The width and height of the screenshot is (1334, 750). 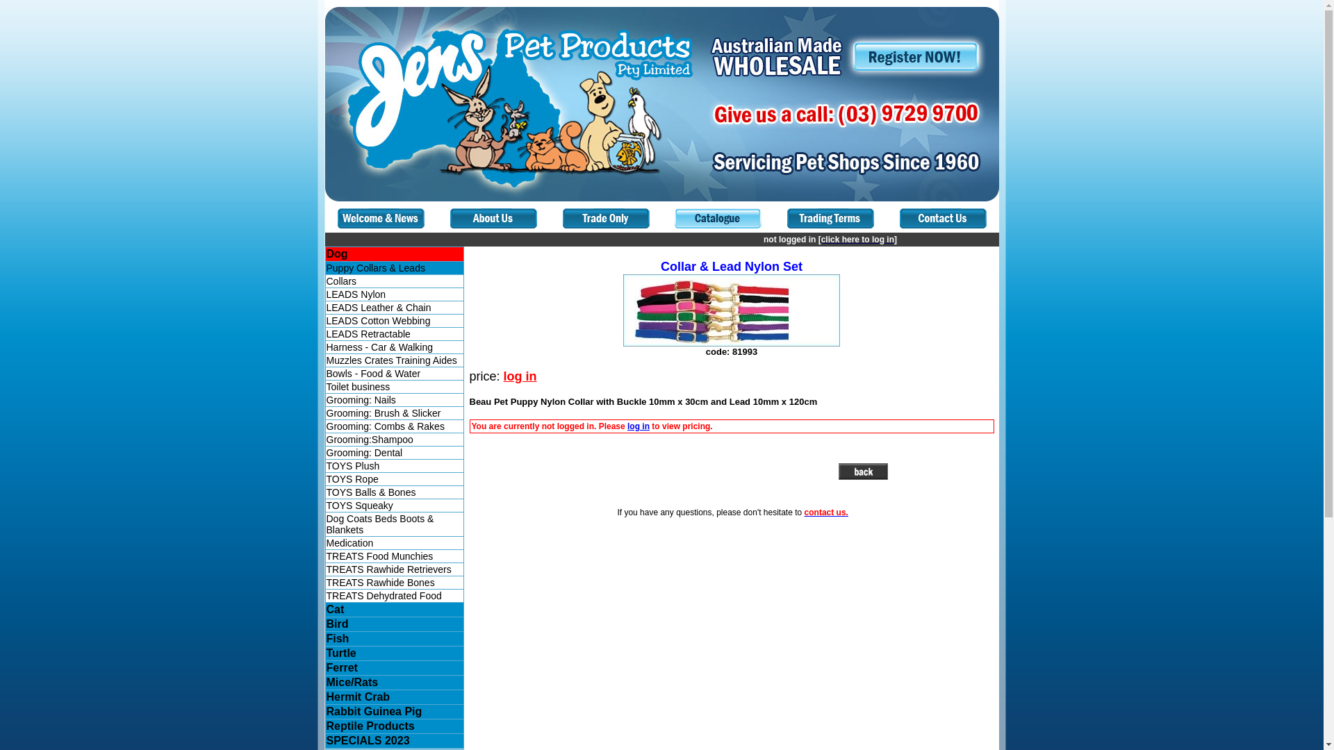 What do you see at coordinates (356, 294) in the screenshot?
I see `'LEADS Nylon'` at bounding box center [356, 294].